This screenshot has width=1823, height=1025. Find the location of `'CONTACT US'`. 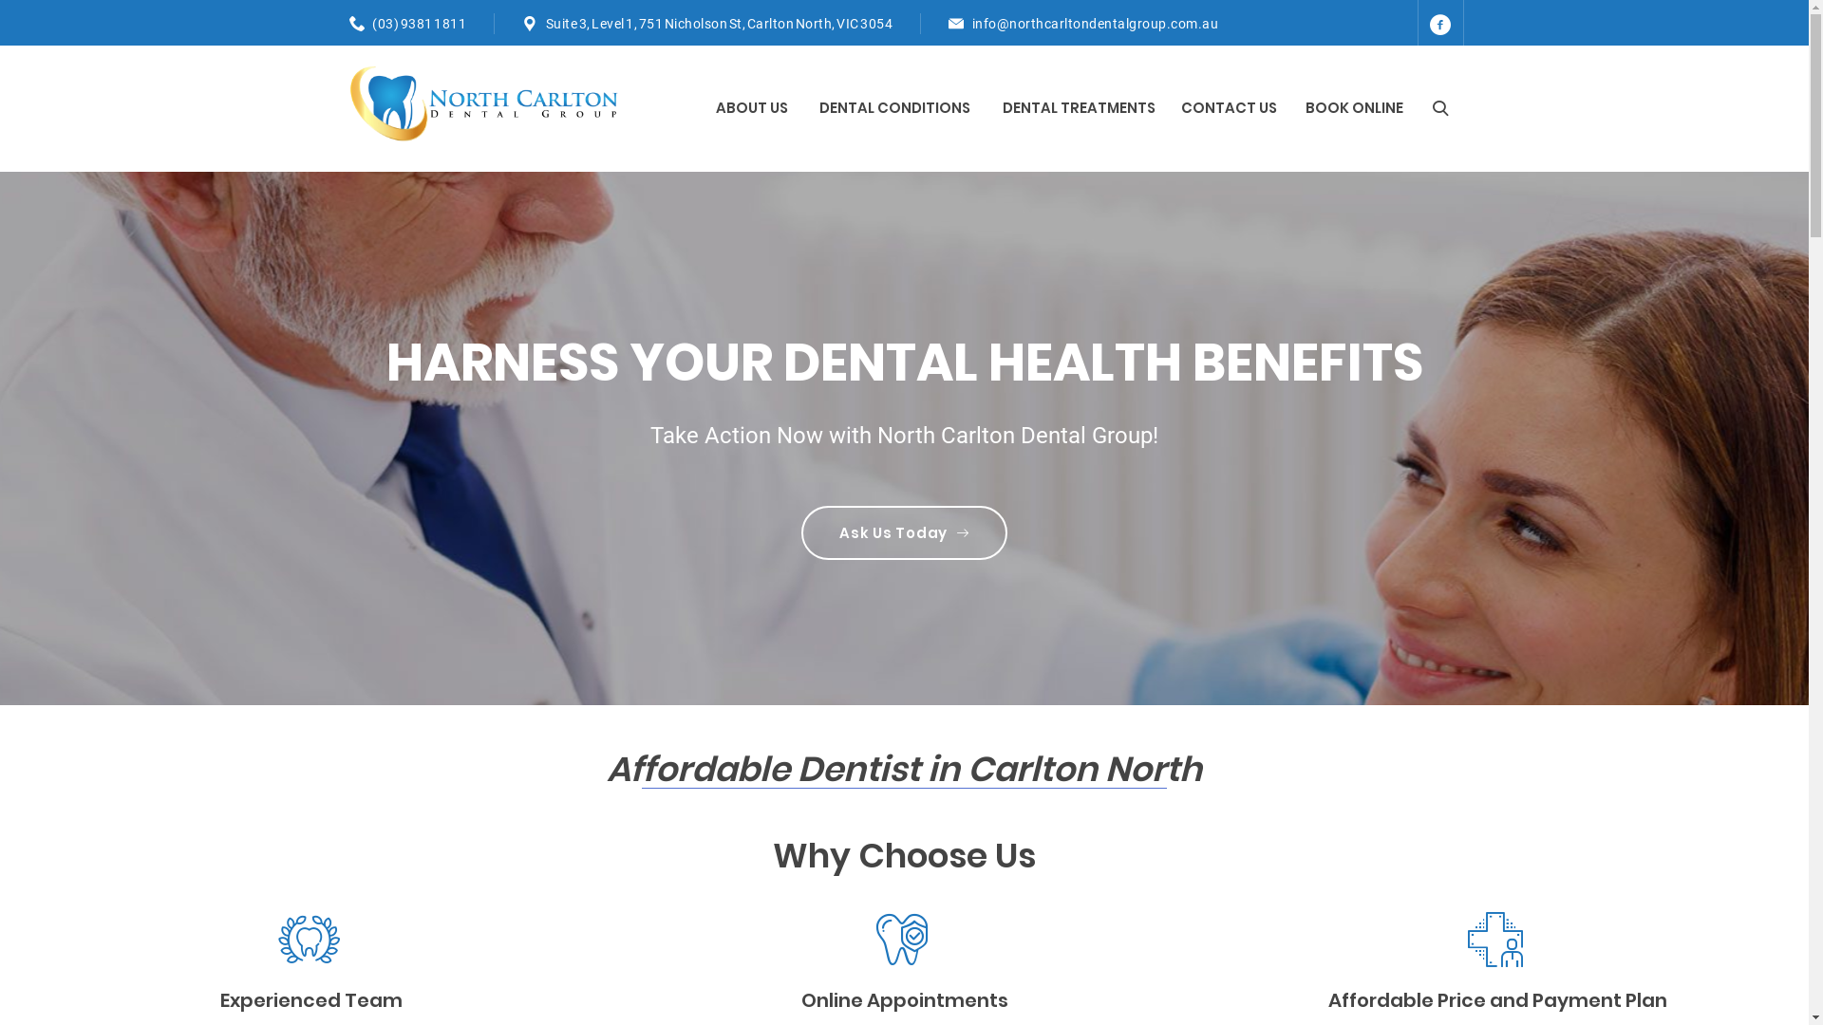

'CONTACT US' is located at coordinates (1229, 108).